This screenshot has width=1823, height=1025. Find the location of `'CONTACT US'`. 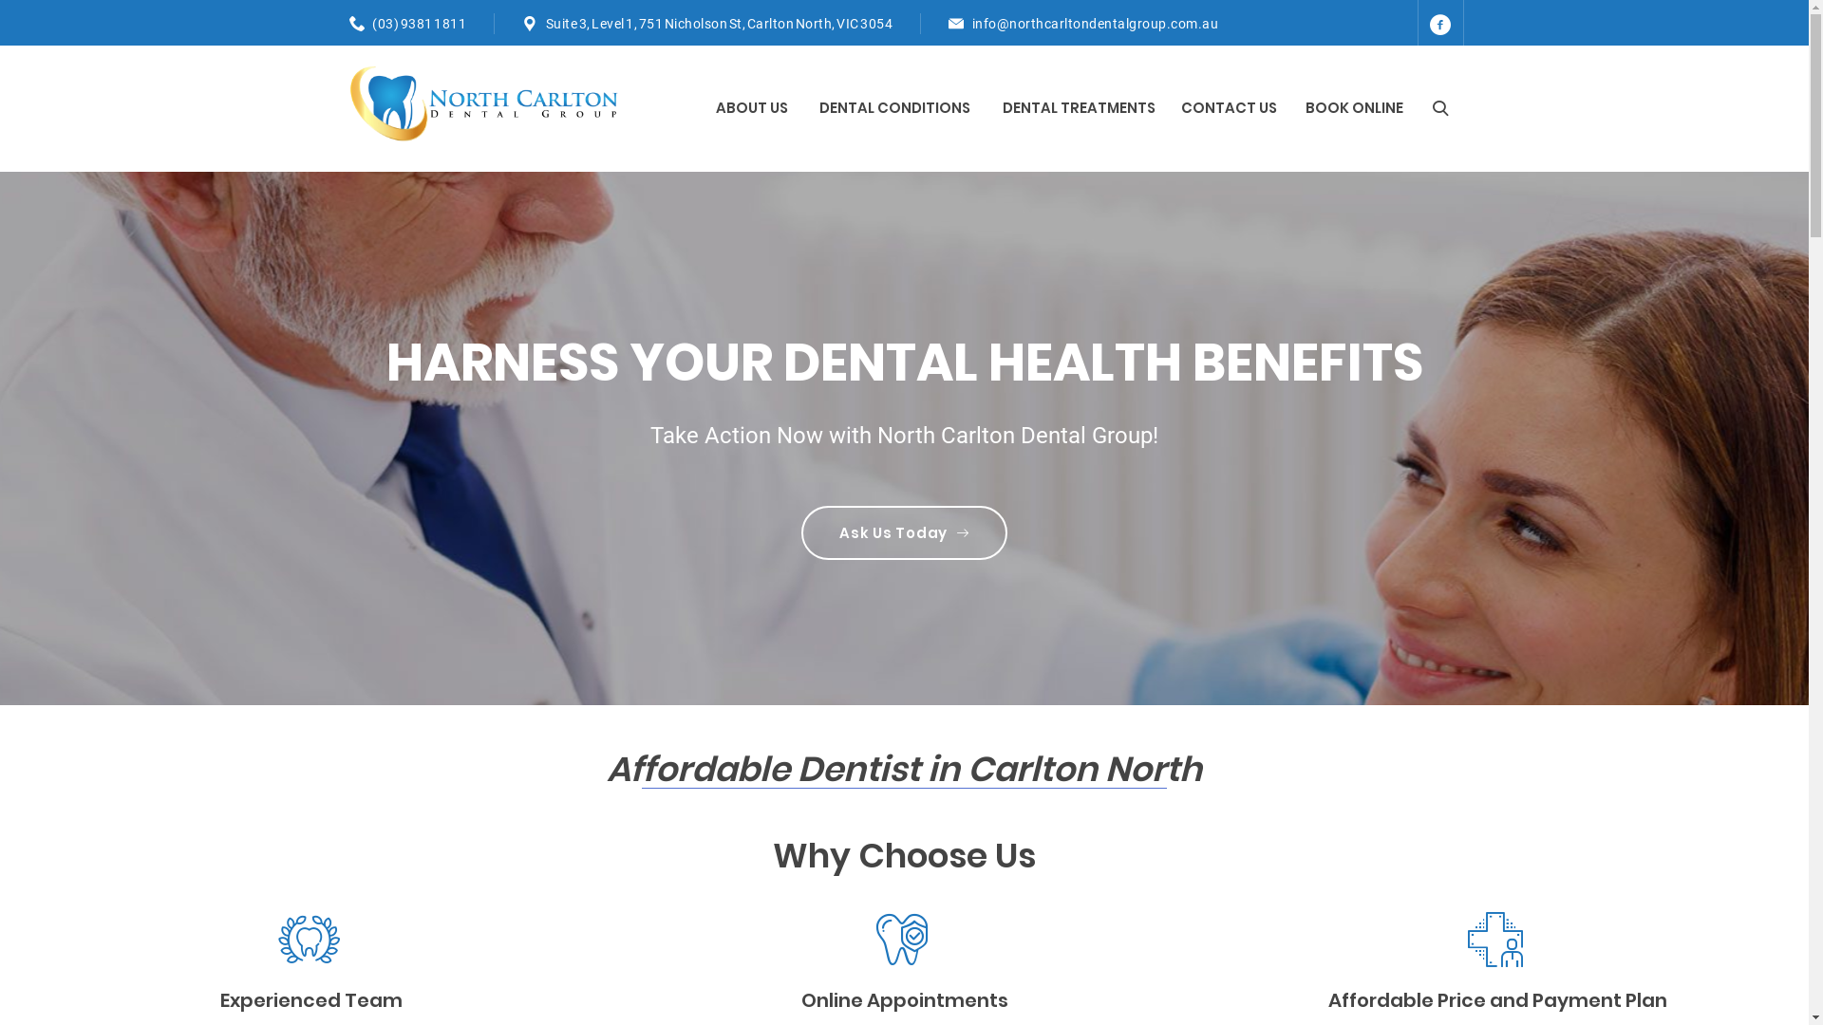

'CONTACT US' is located at coordinates (1229, 108).